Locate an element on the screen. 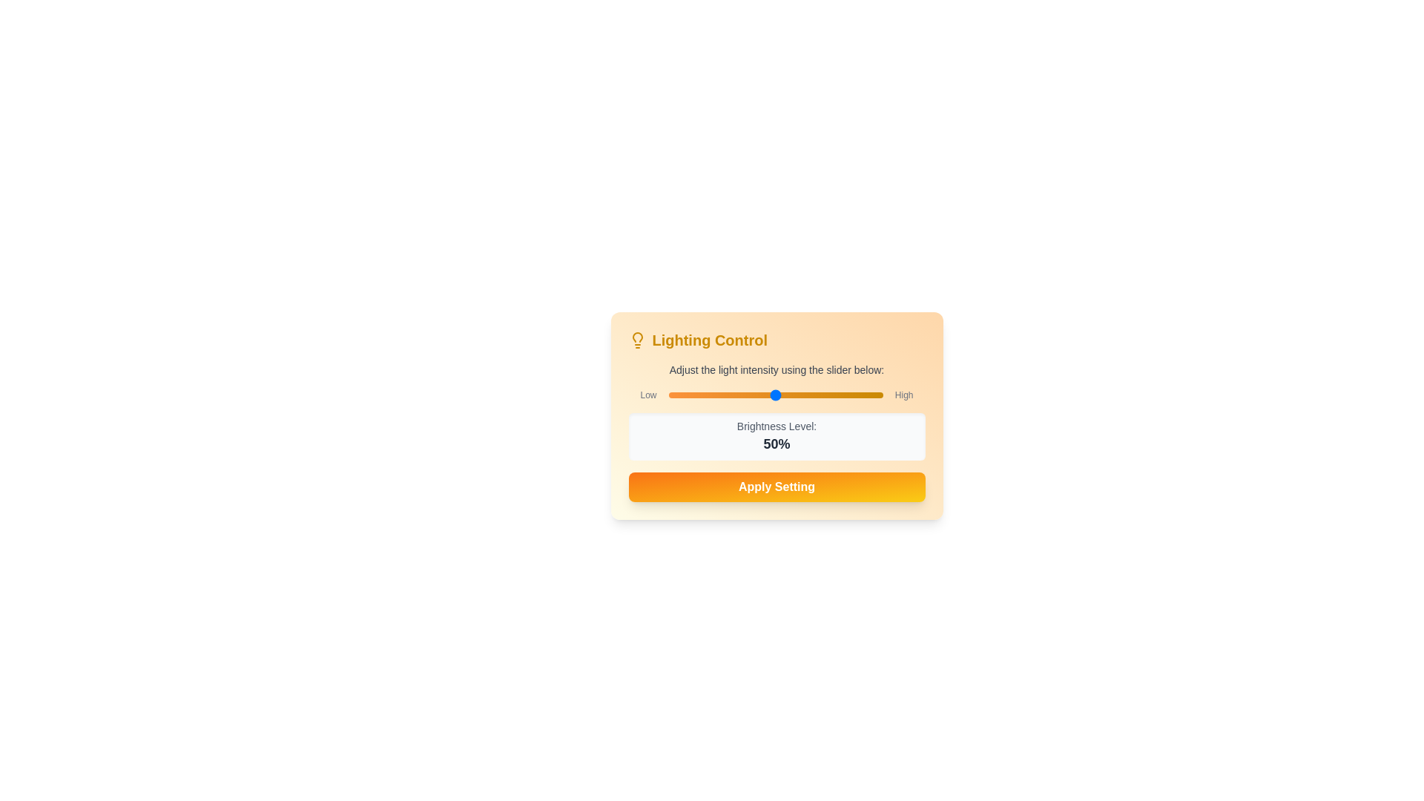 Image resolution: width=1424 pixels, height=801 pixels. the Text display panel that shows 'Brightness Level:' and '50%' with a light gray background, positioned within the 'Lighting Control' section is located at coordinates (776, 436).